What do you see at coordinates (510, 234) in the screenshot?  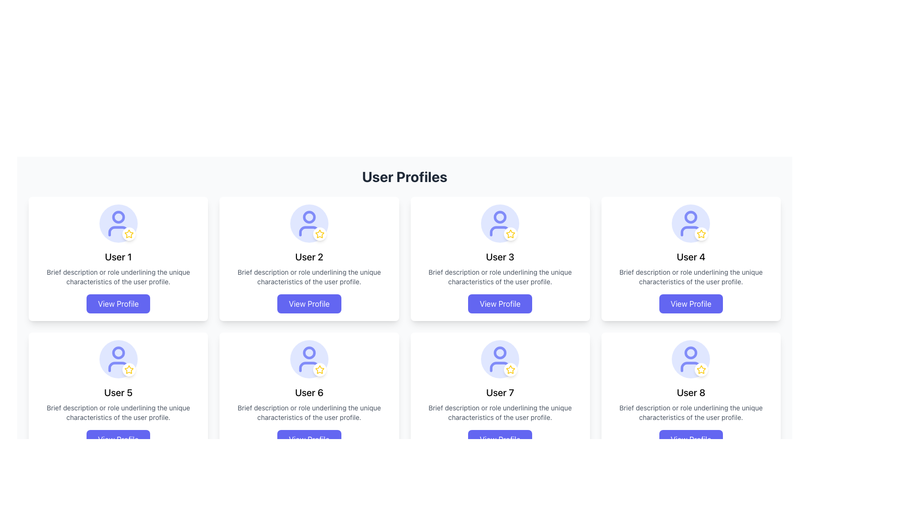 I see `the yellow star icon with a hollow center located at the bottom-right corner of the user profile card labeled 'User 3'` at bounding box center [510, 234].